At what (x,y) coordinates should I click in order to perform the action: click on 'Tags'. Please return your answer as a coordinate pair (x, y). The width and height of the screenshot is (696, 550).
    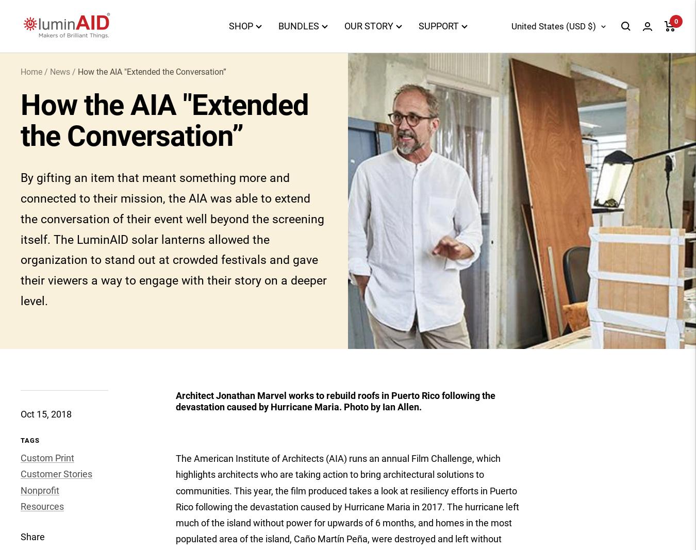
    Looking at the image, I should click on (29, 440).